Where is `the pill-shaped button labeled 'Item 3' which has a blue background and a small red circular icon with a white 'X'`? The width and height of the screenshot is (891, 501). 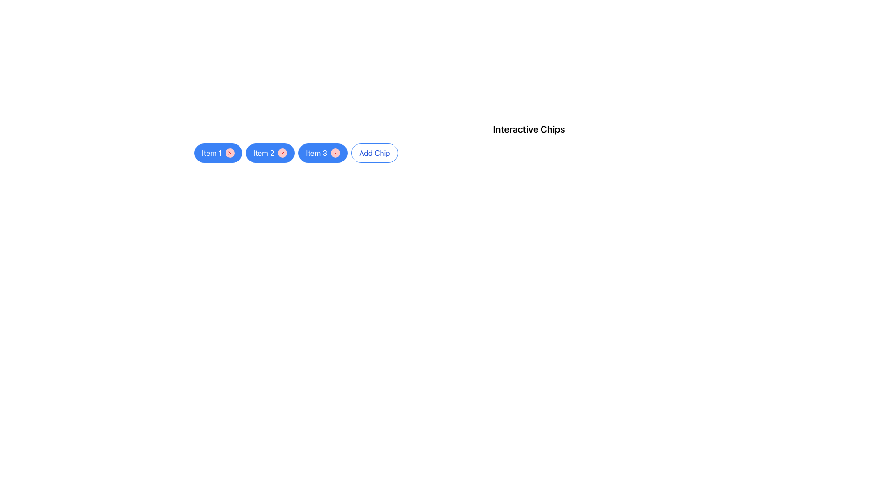 the pill-shaped button labeled 'Item 3' which has a blue background and a small red circular icon with a white 'X' is located at coordinates (323, 153).